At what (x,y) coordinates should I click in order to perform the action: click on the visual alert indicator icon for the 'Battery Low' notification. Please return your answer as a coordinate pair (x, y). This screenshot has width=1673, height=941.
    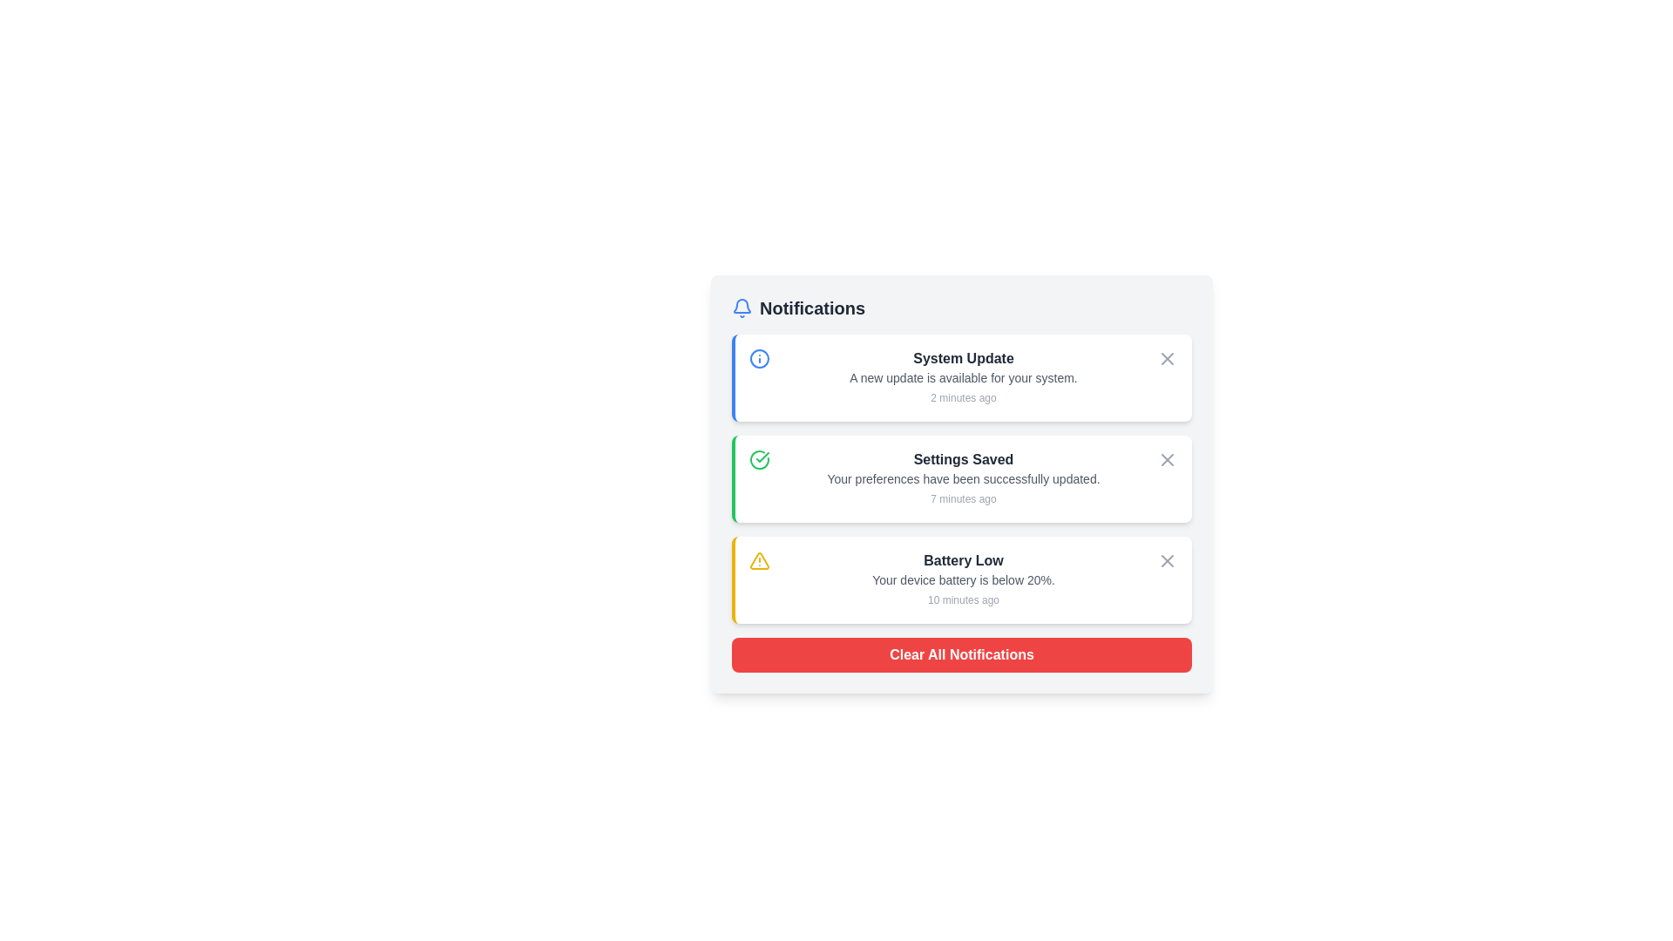
    Looking at the image, I should click on (760, 561).